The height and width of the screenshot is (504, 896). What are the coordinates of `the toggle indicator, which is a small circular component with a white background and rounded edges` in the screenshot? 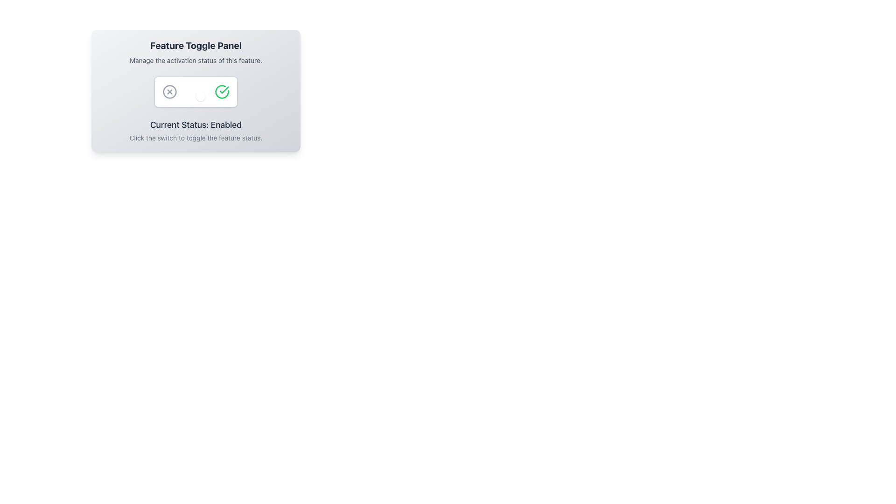 It's located at (200, 97).